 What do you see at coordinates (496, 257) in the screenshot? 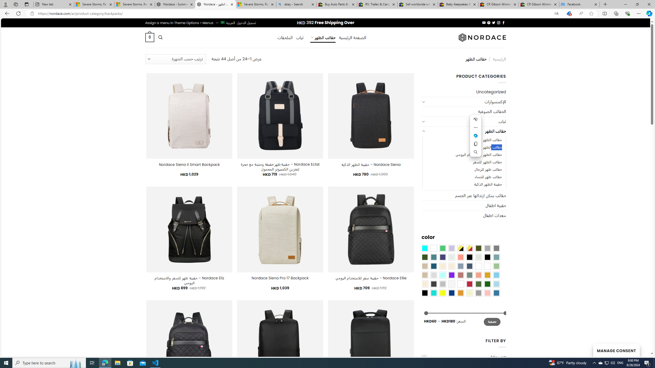
I see `'Blue Sage'` at bounding box center [496, 257].